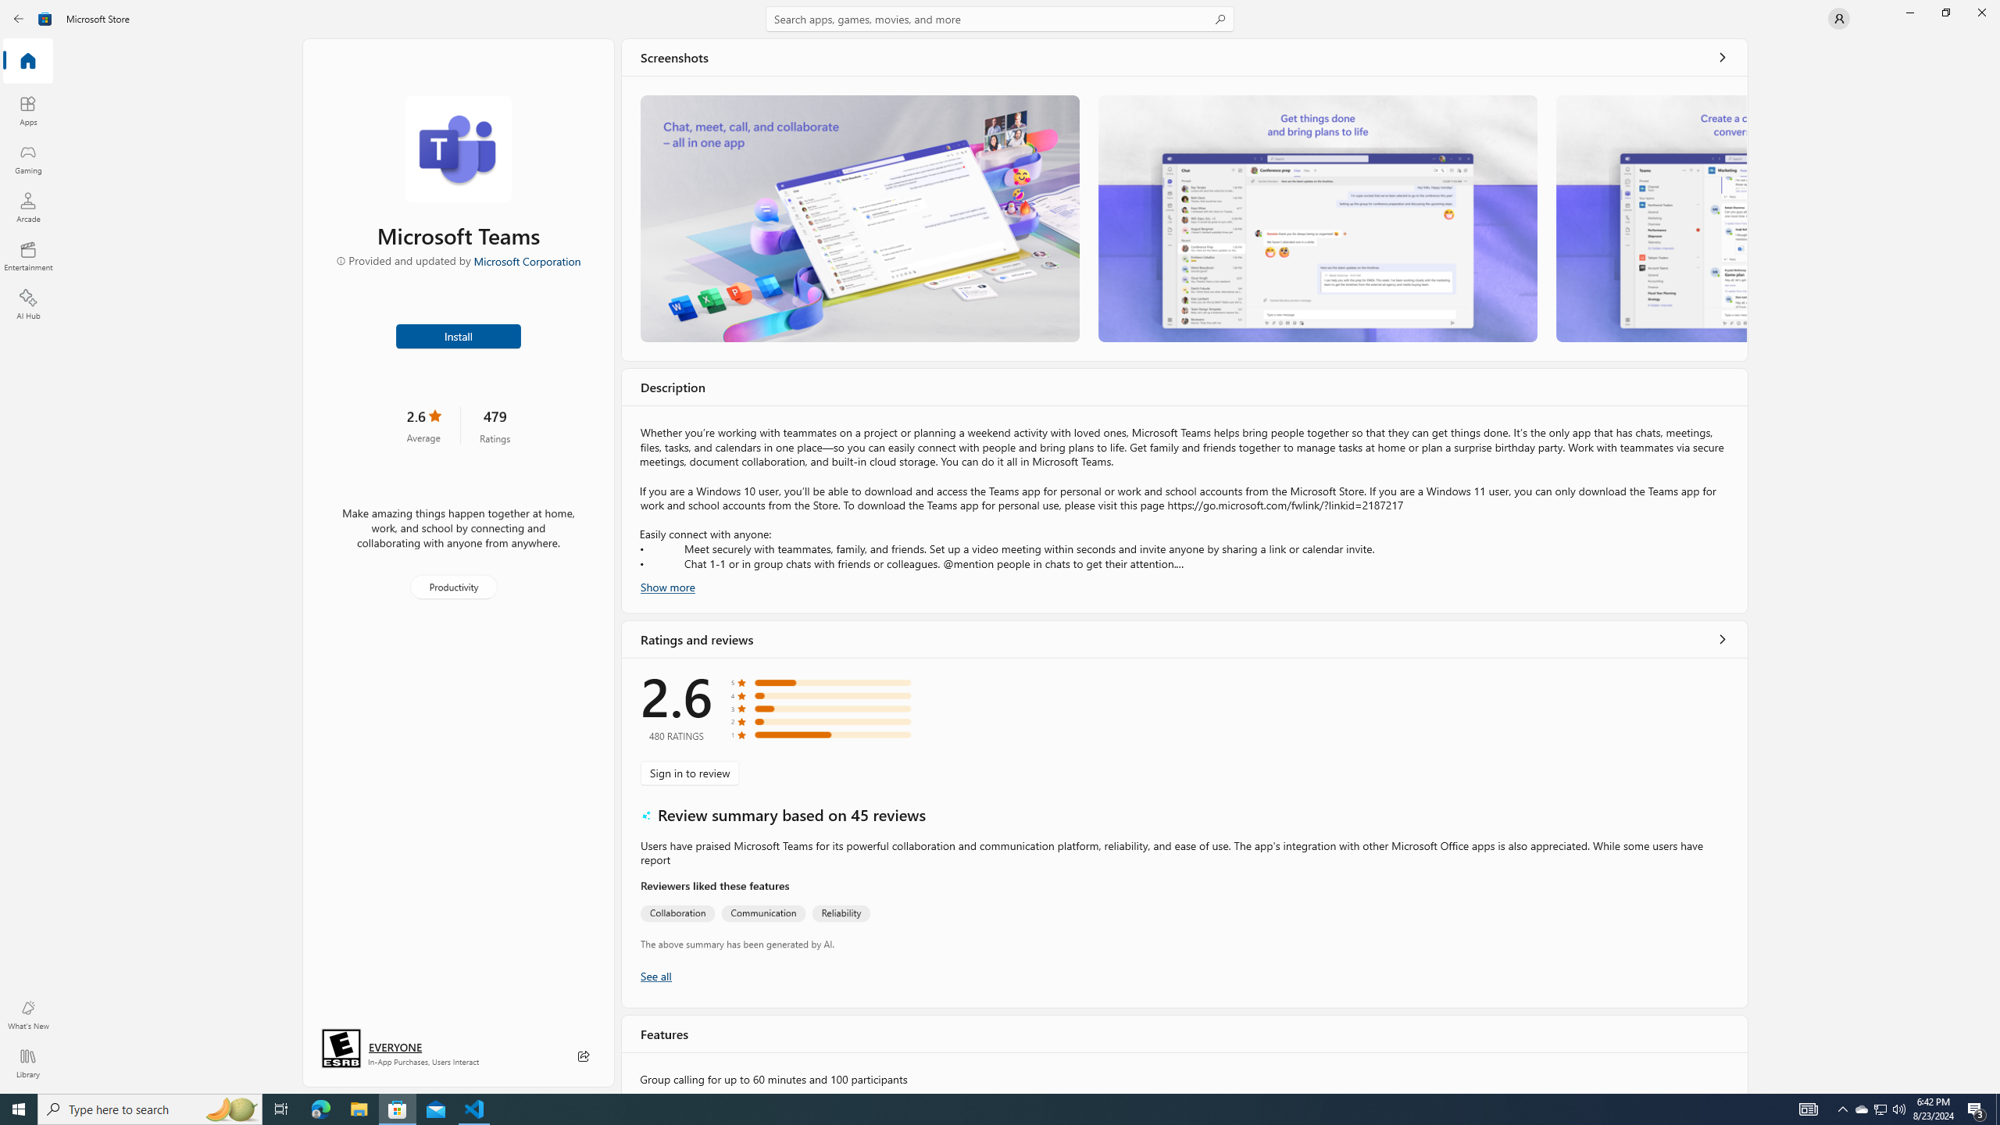 The width and height of the screenshot is (2000, 1125). What do you see at coordinates (666, 586) in the screenshot?
I see `'Show more'` at bounding box center [666, 586].